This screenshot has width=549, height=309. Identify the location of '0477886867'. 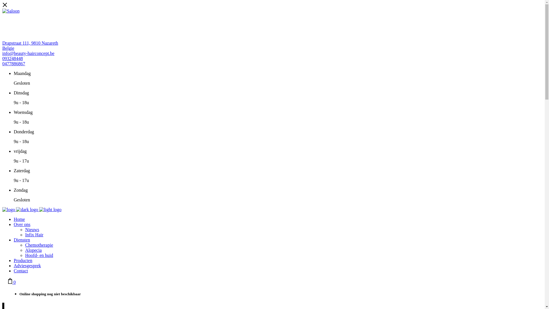
(2, 64).